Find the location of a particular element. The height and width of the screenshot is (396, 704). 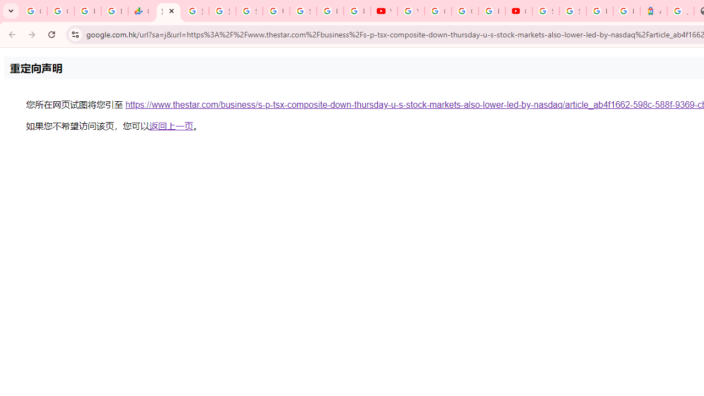

'Content Creator Programs & Opportunities - YouTube Creators' is located at coordinates (518, 11).